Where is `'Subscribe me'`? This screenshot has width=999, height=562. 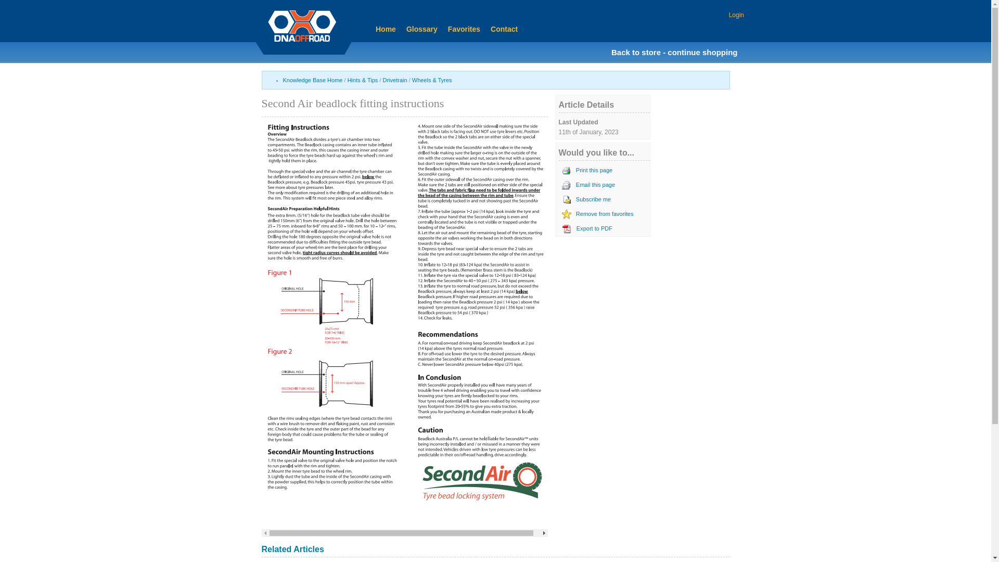 'Subscribe me' is located at coordinates (593, 199).